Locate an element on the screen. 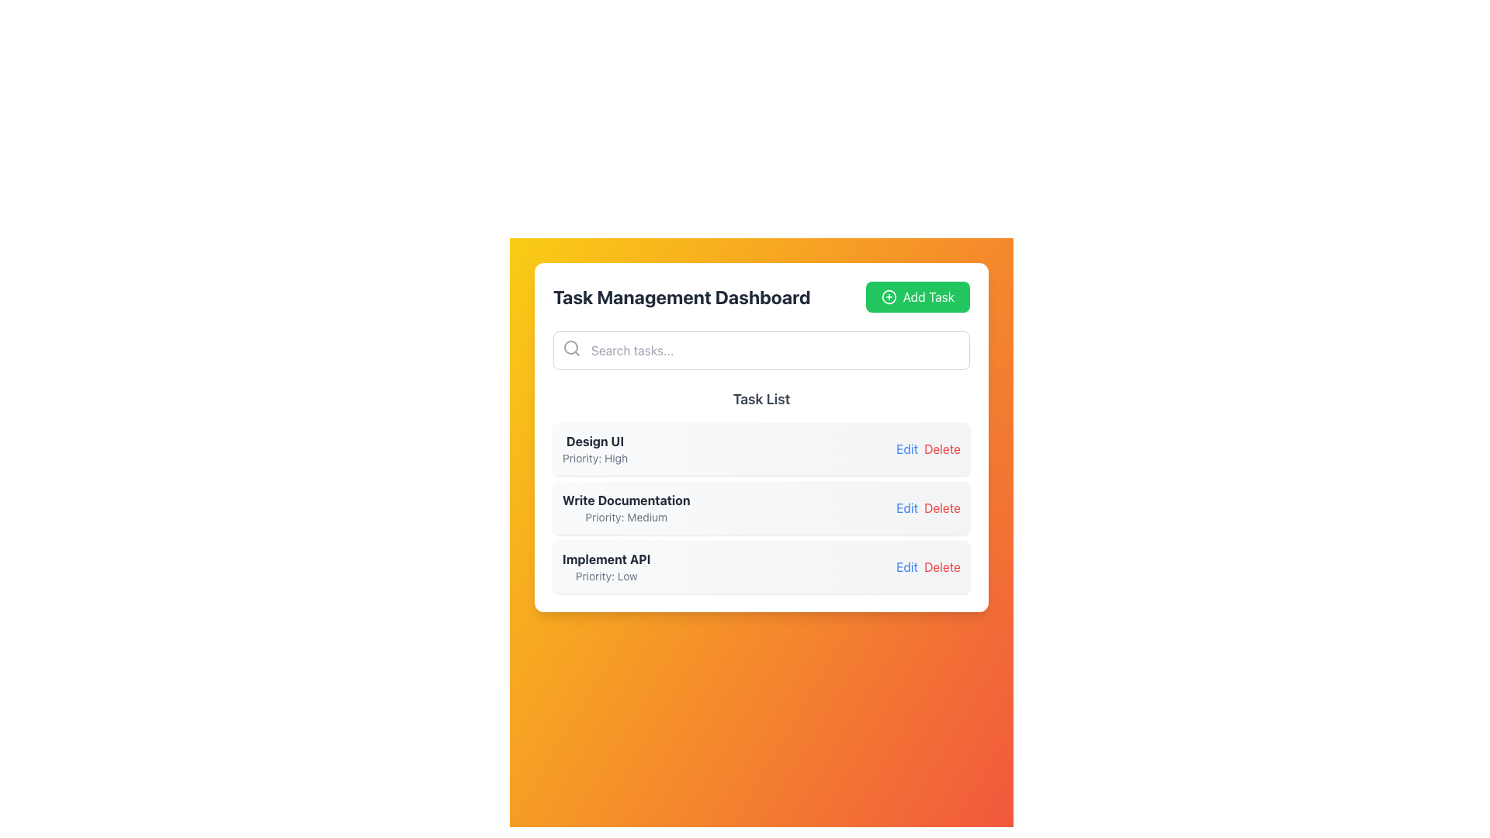  the interactive text label for editing the task titled 'Write Documentation' is located at coordinates (907, 508).